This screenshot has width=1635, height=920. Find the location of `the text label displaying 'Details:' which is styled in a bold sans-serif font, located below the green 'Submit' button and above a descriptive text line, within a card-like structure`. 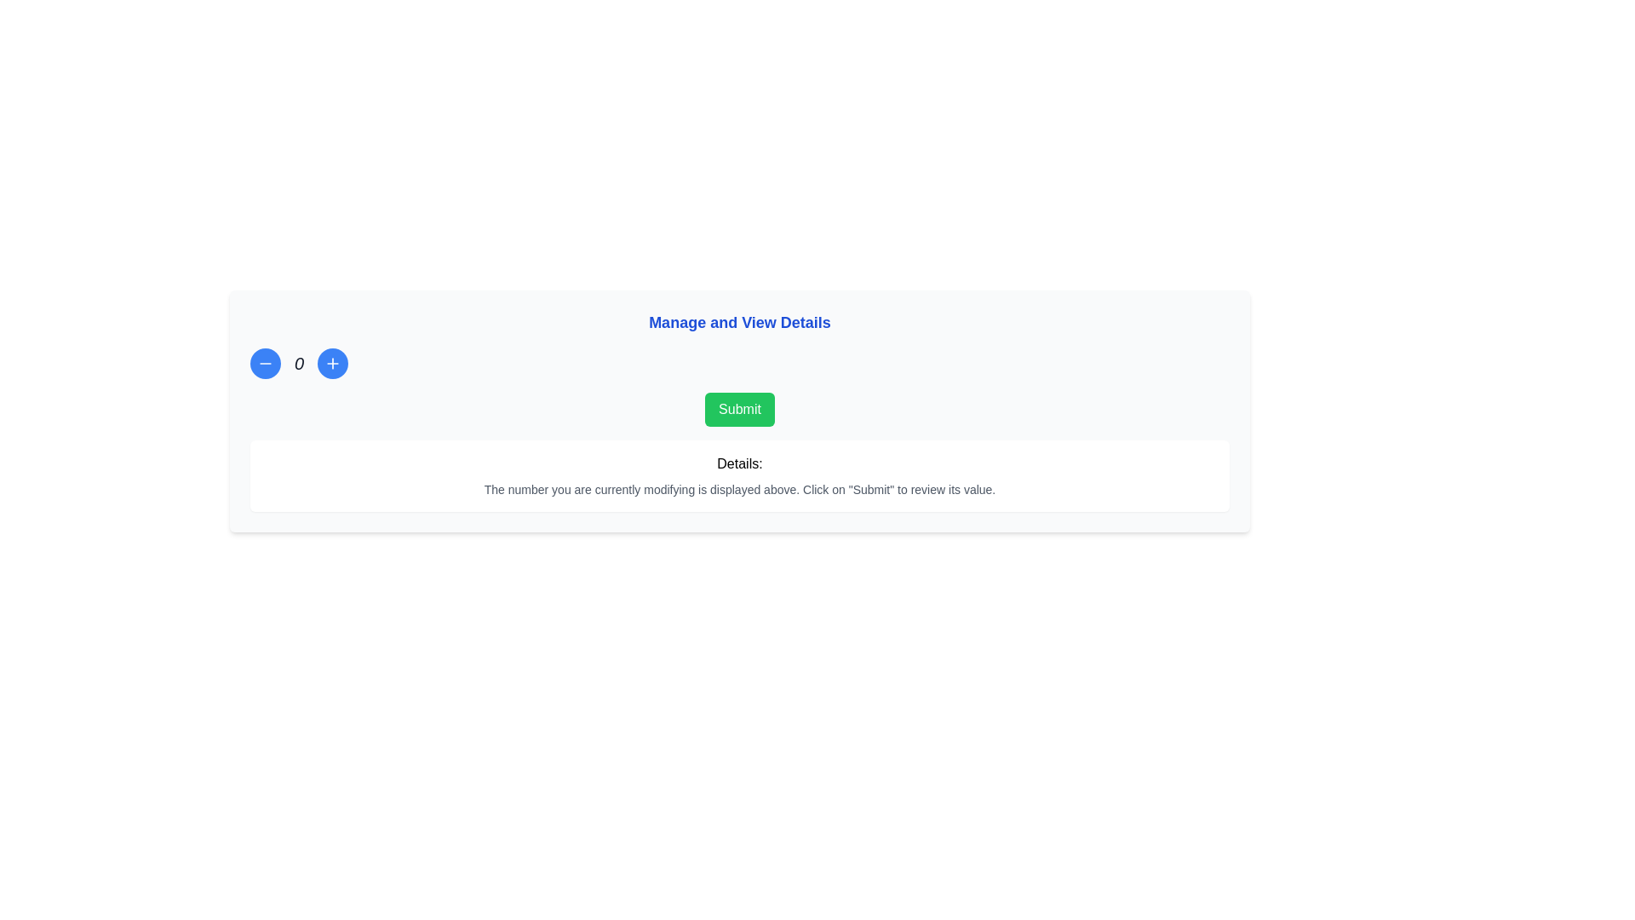

the text label displaying 'Details:' which is styled in a bold sans-serif font, located below the green 'Submit' button and above a descriptive text line, within a card-like structure is located at coordinates (739, 463).